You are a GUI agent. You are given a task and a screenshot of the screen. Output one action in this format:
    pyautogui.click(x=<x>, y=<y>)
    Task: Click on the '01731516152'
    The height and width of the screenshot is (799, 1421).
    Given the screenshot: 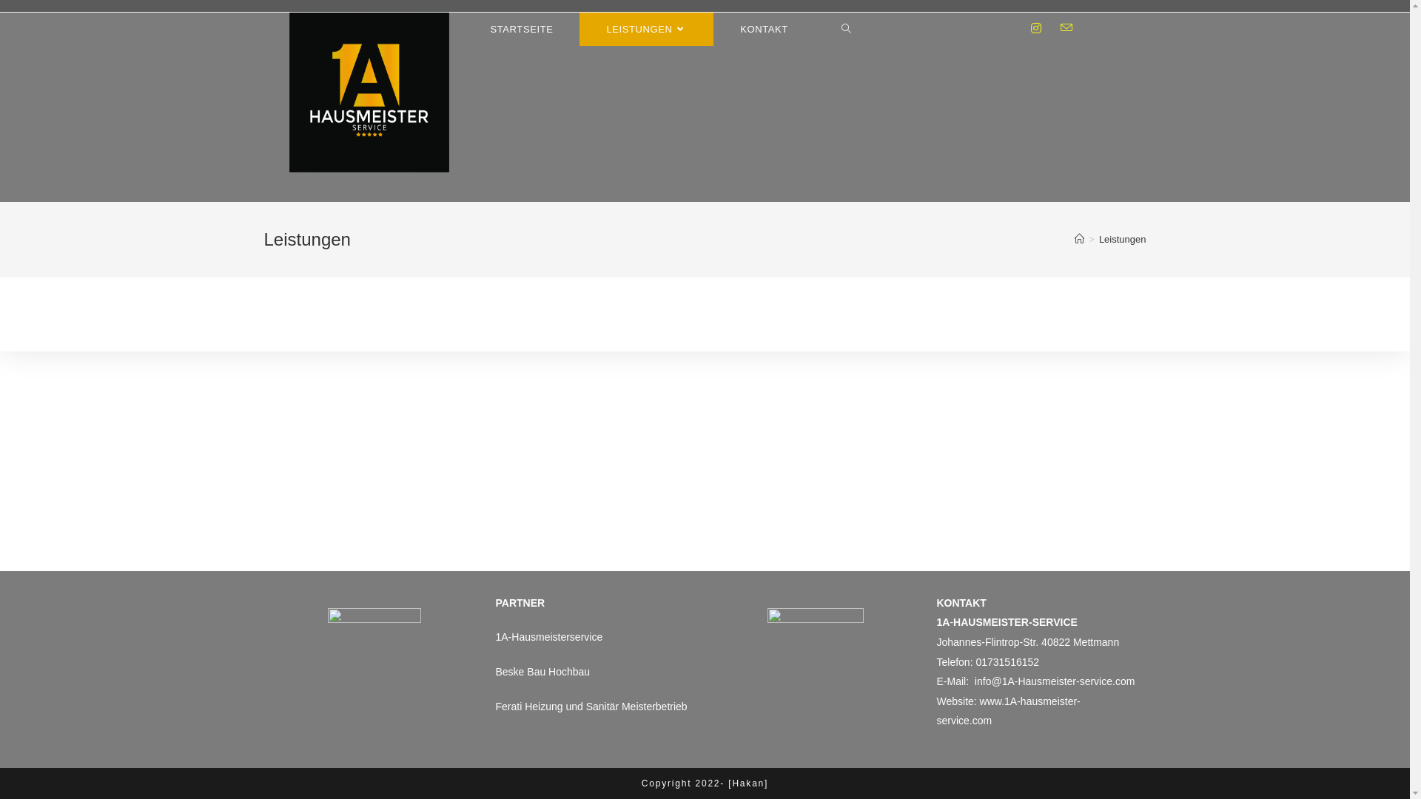 What is the action you would take?
    pyautogui.click(x=1007, y=661)
    